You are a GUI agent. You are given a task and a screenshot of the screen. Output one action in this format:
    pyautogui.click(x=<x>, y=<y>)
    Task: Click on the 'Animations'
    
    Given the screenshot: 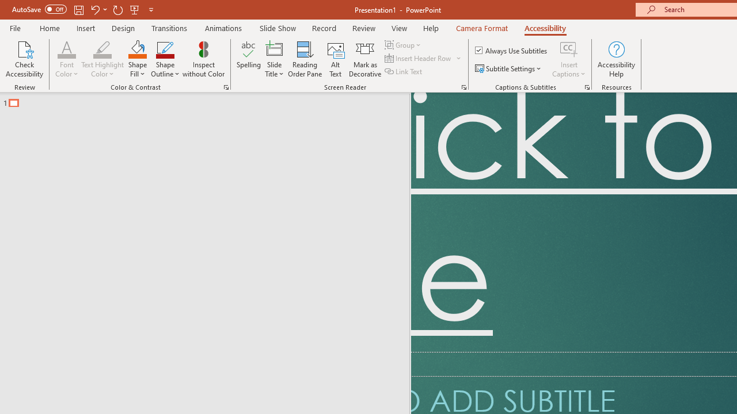 What is the action you would take?
    pyautogui.click(x=223, y=28)
    